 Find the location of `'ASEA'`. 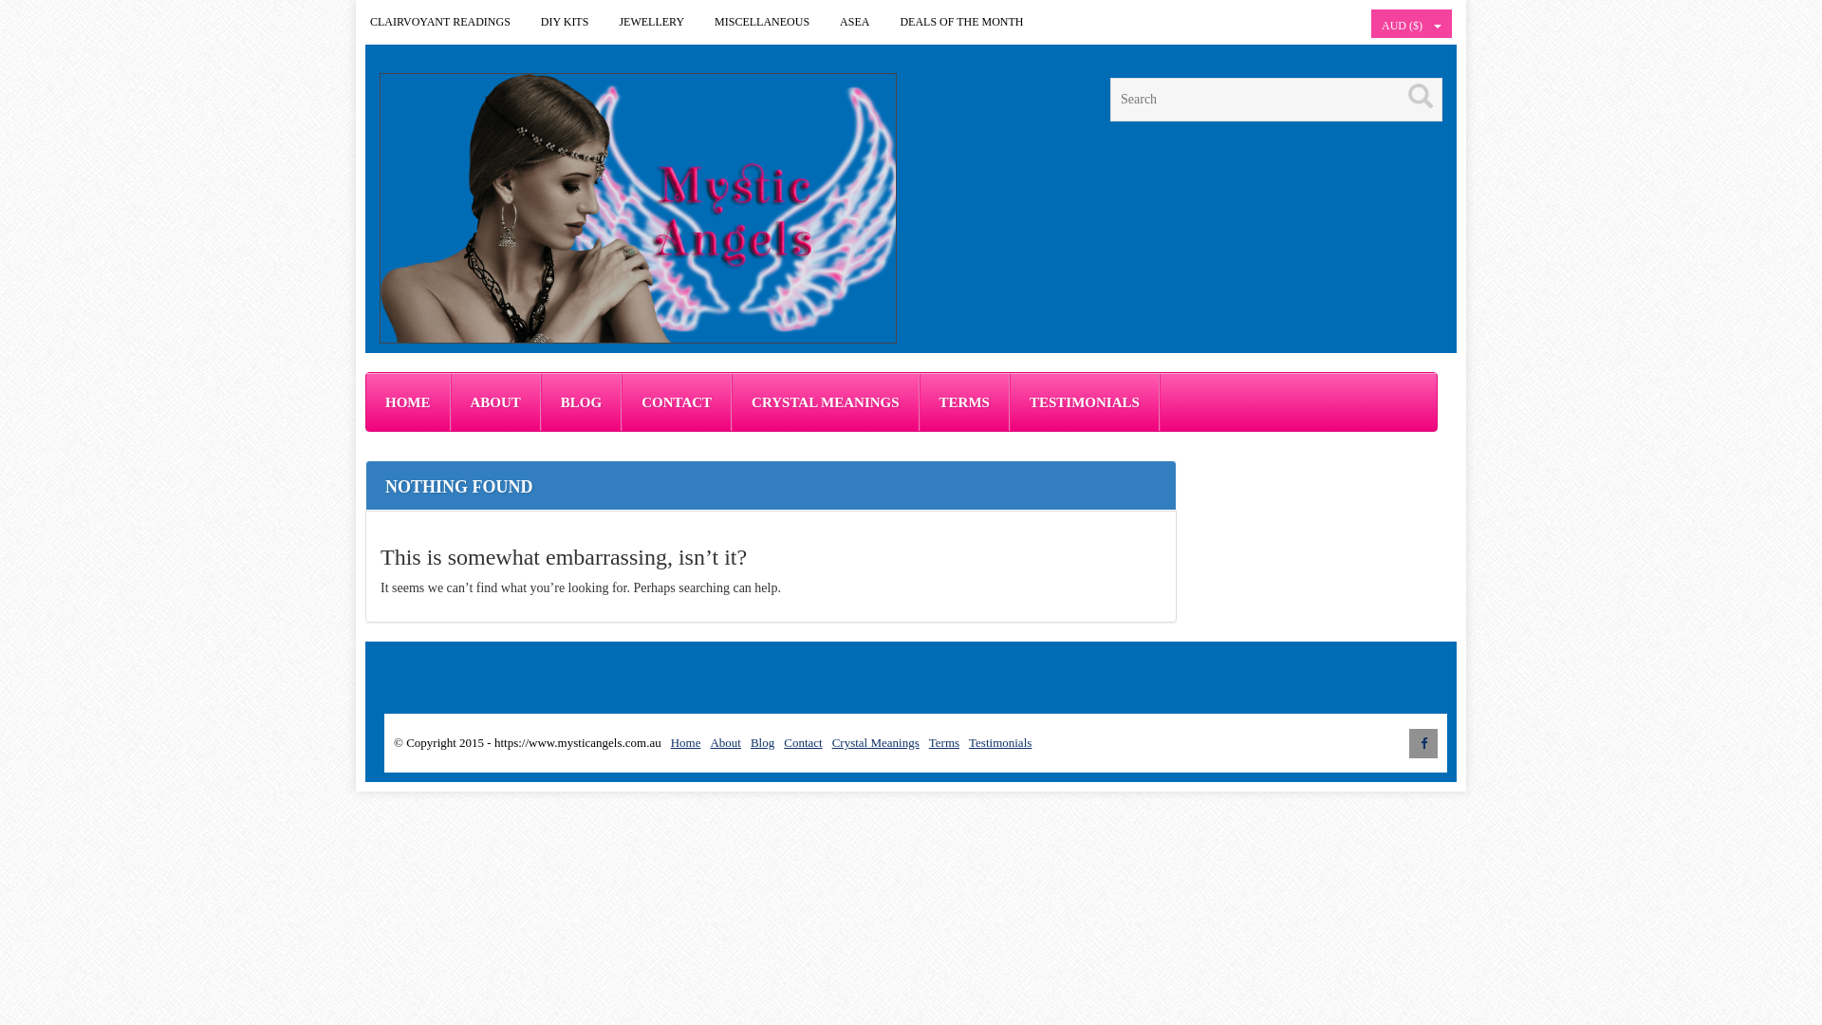

'ASEA' is located at coordinates (853, 22).